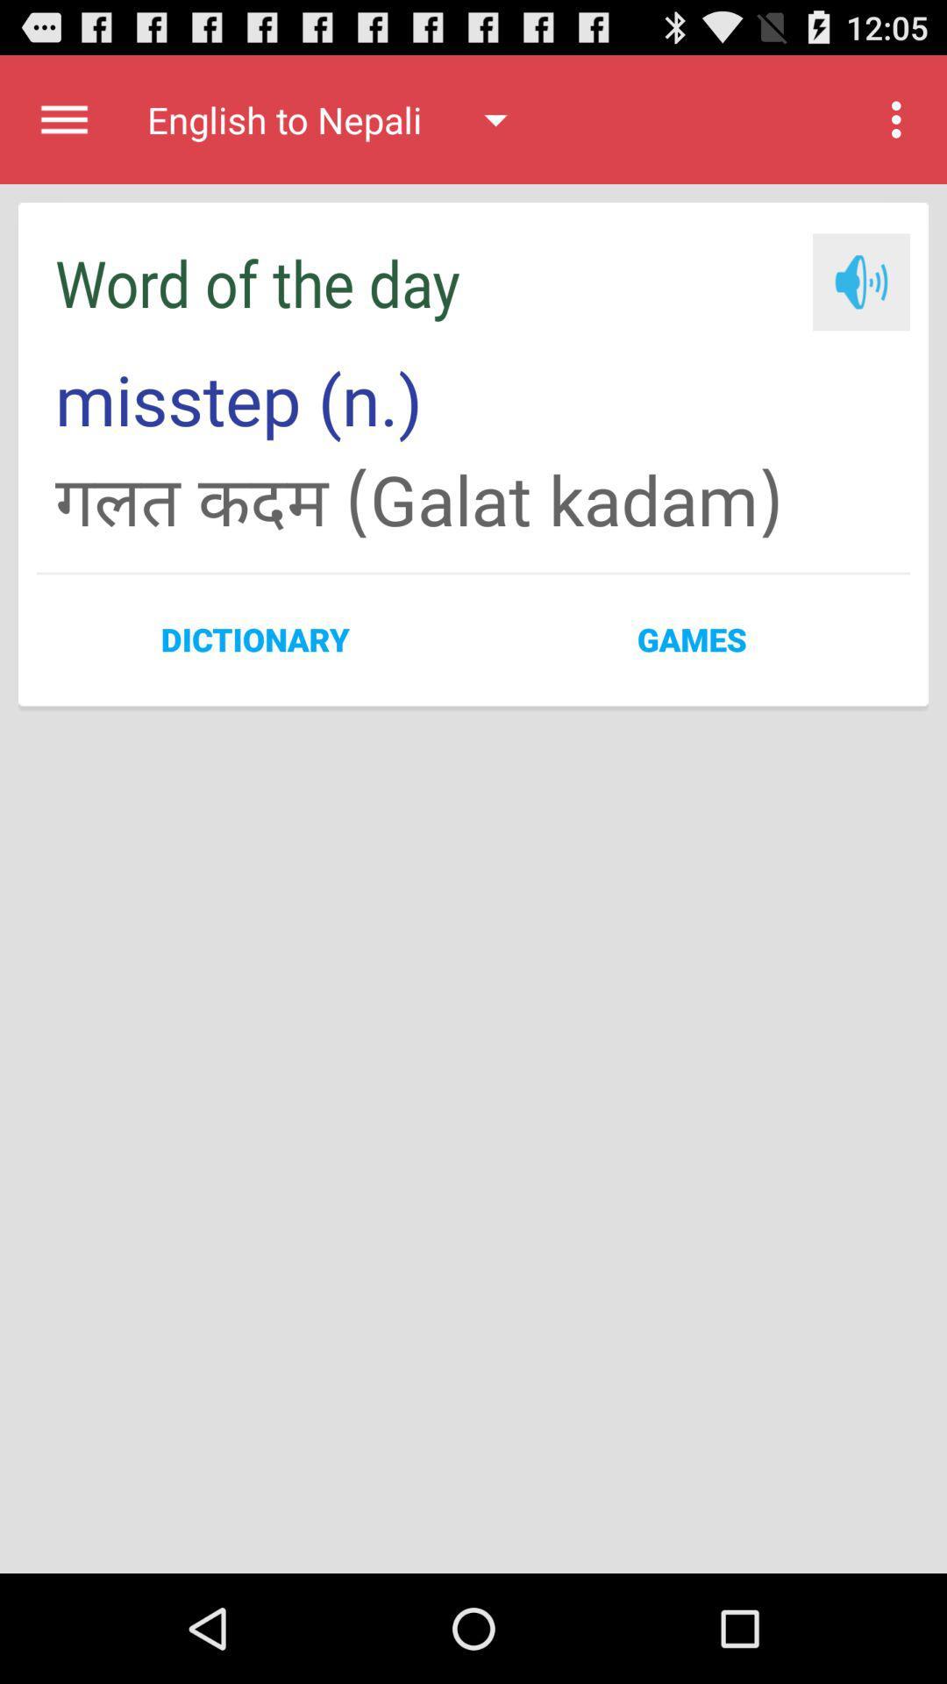 This screenshot has height=1684, width=947. Describe the element at coordinates (860, 302) in the screenshot. I see `the volume icon` at that location.